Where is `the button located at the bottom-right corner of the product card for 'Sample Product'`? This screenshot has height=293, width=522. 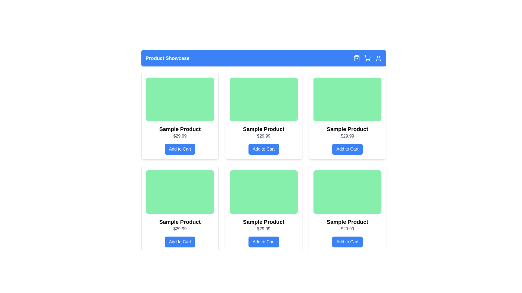
the button located at the bottom-right corner of the product card for 'Sample Product' is located at coordinates (347, 241).